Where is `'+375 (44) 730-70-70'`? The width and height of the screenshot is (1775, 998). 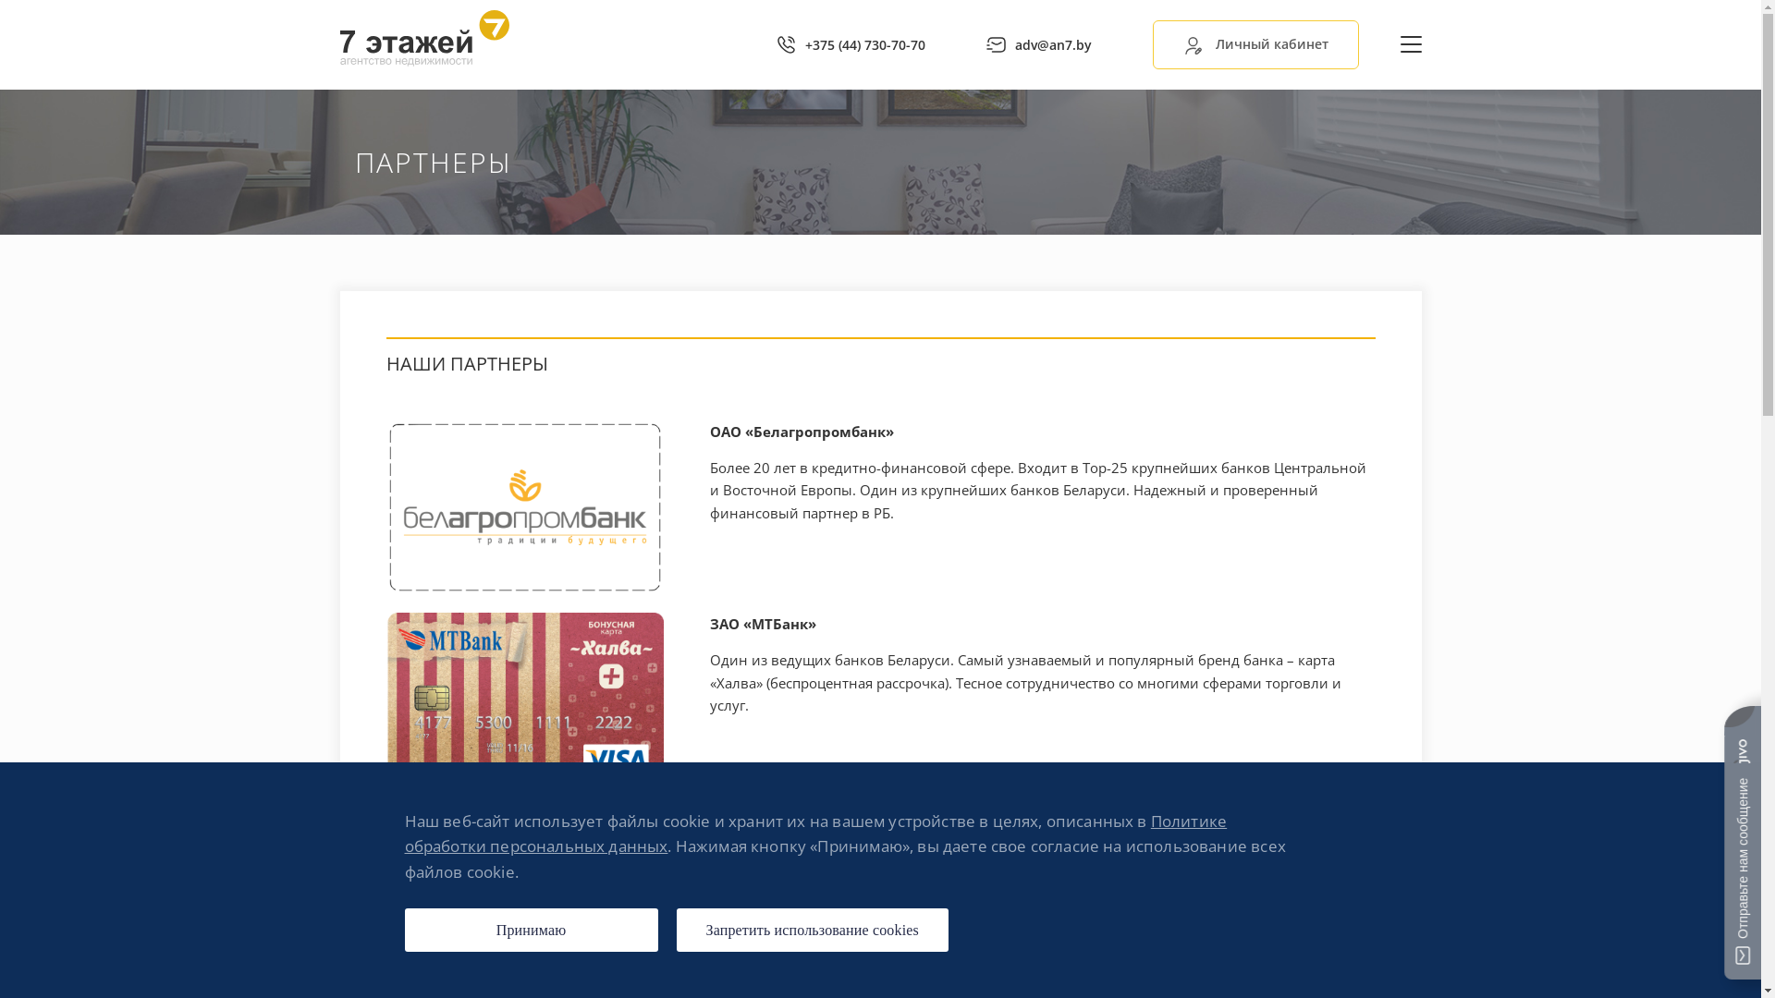
'+375 (44) 730-70-70' is located at coordinates (850, 43).